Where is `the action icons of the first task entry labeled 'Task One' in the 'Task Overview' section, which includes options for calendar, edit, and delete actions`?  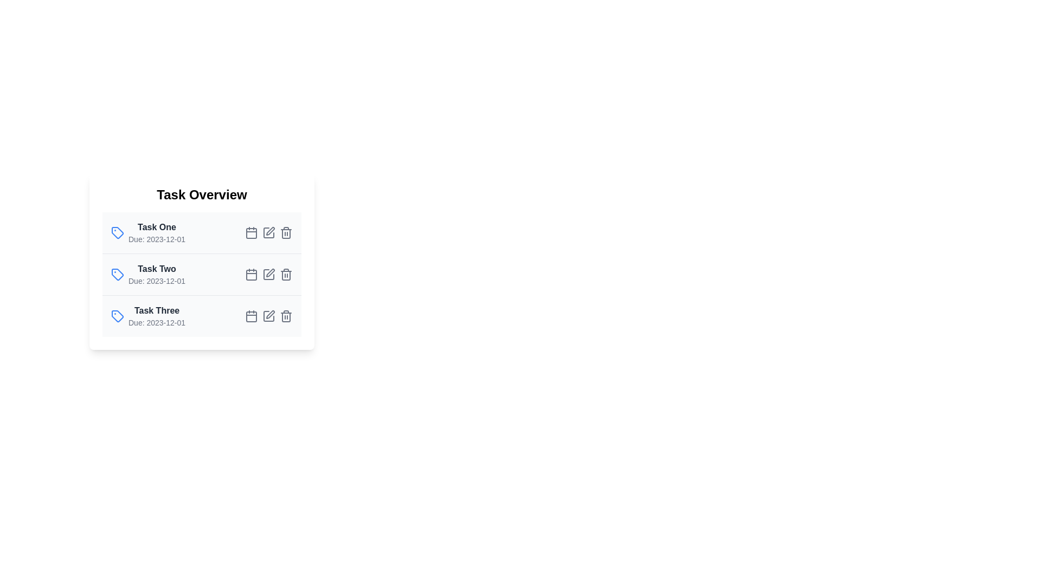 the action icons of the first task entry labeled 'Task One' in the 'Task Overview' section, which includes options for calendar, edit, and delete actions is located at coordinates (202, 232).